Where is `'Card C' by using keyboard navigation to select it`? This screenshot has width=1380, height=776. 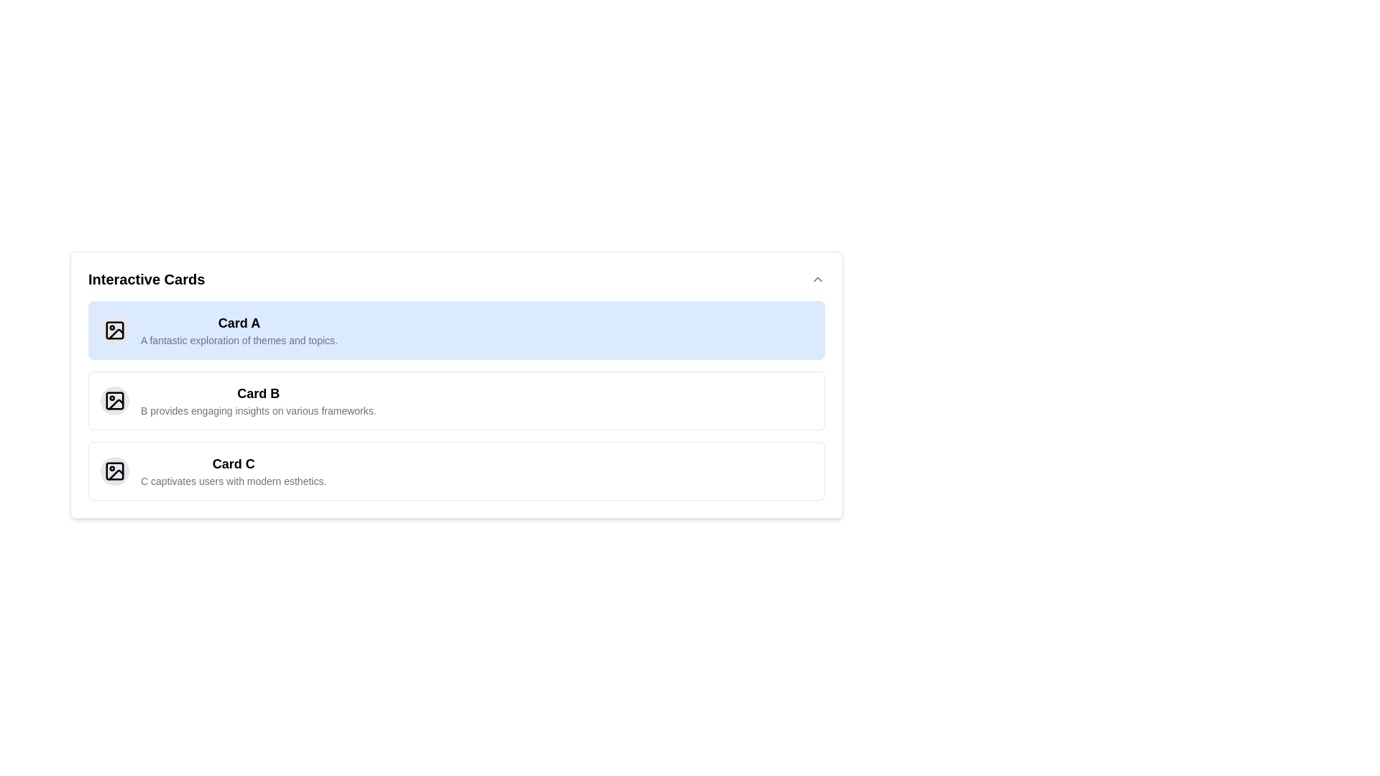
'Card C' by using keyboard navigation to select it is located at coordinates (456, 471).